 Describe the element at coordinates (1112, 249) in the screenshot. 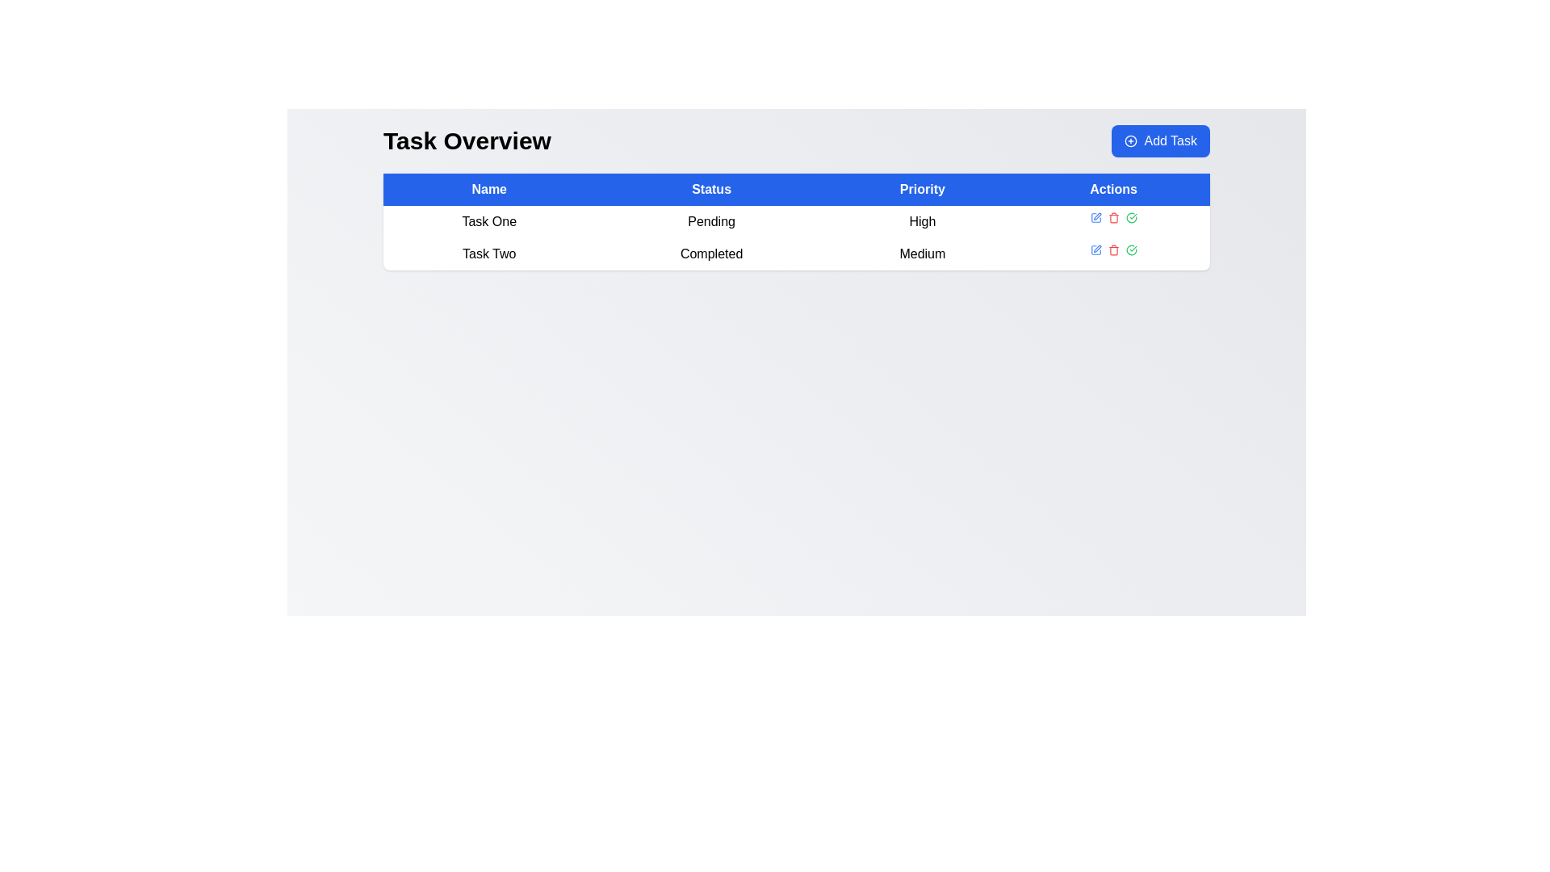

I see `the Icon group` at that location.